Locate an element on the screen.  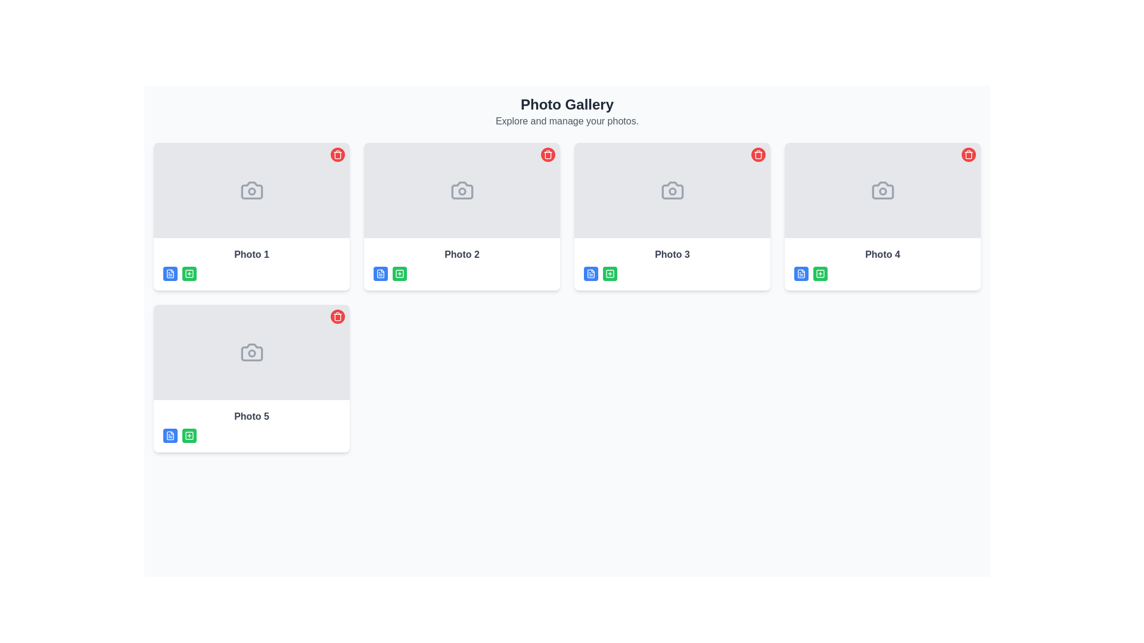
the delete button with an embedded SVG icon located at the top-right corner of the 'Photo 4' image card is located at coordinates (969, 154).